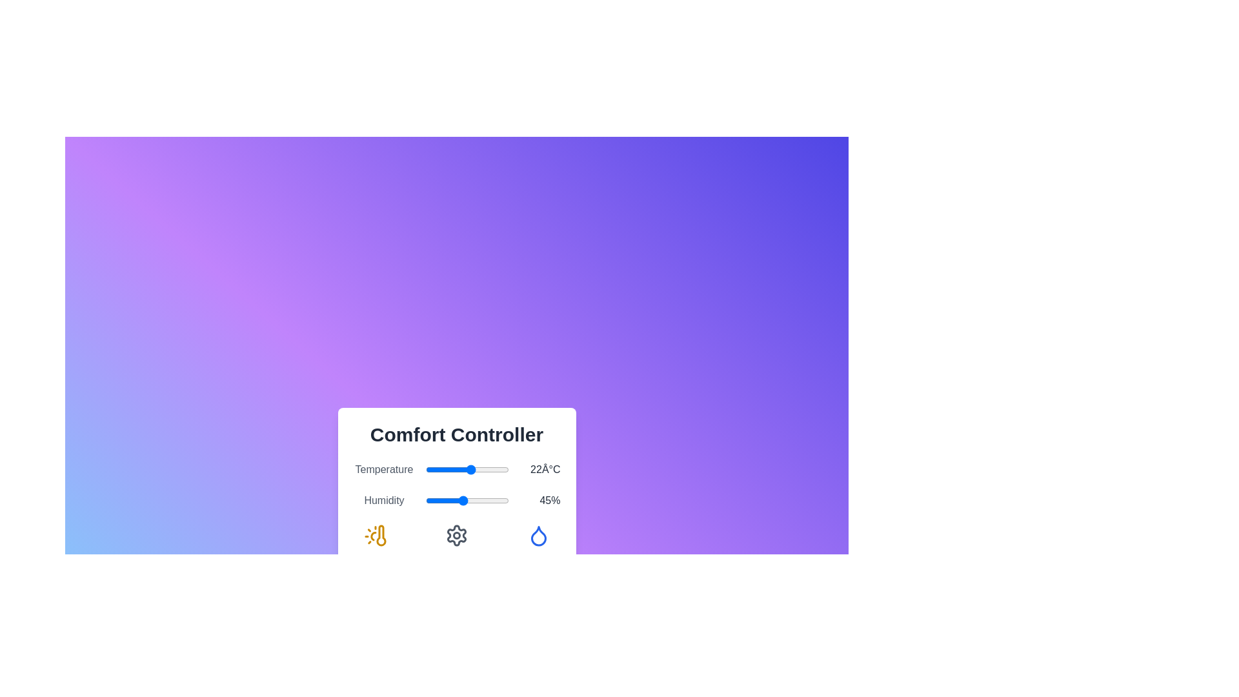 The image size is (1239, 697). Describe the element at coordinates (459, 470) in the screenshot. I see `the temperature slider to set the temperature to 16°C` at that location.